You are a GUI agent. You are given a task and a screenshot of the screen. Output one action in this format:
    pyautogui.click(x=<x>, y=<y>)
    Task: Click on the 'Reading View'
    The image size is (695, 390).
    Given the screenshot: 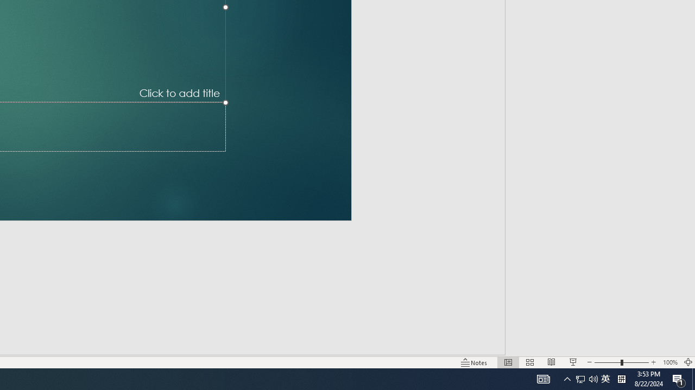 What is the action you would take?
    pyautogui.click(x=551, y=362)
    